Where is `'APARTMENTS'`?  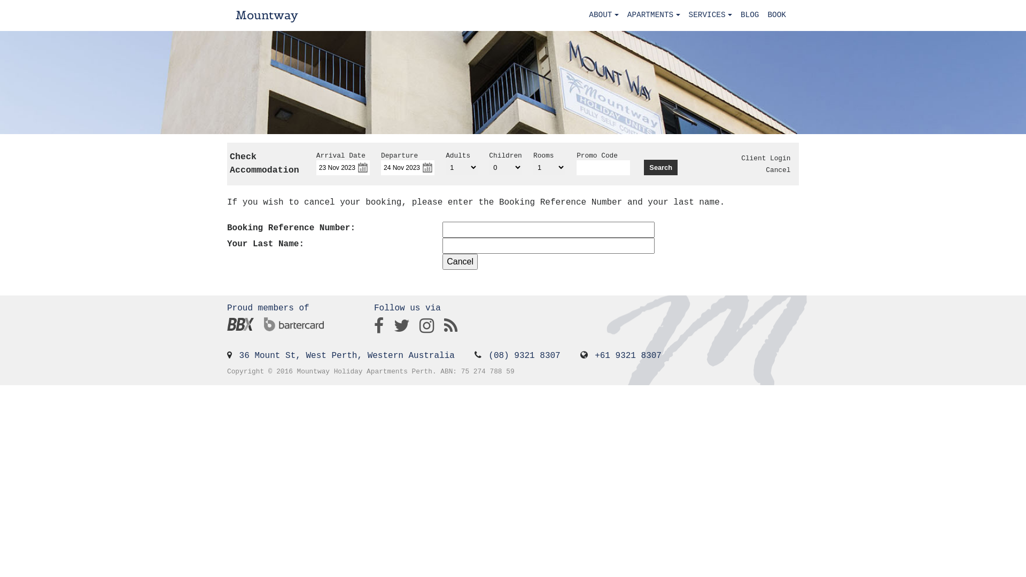
'APARTMENTS' is located at coordinates (653, 15).